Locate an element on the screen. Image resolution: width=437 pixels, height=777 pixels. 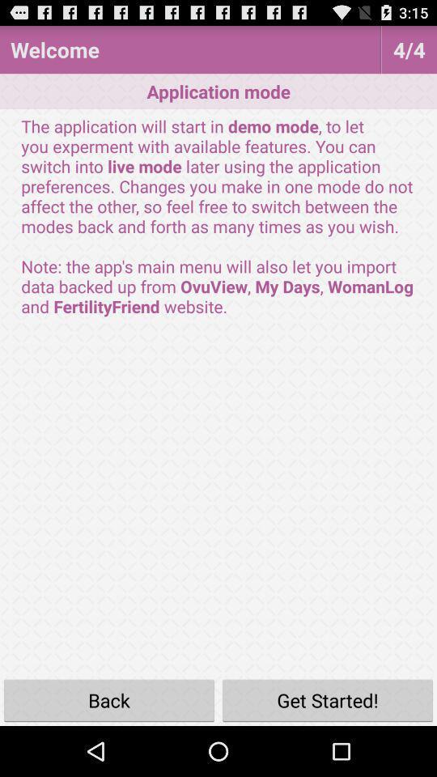
the icon next to the get started! is located at coordinates (109, 699).